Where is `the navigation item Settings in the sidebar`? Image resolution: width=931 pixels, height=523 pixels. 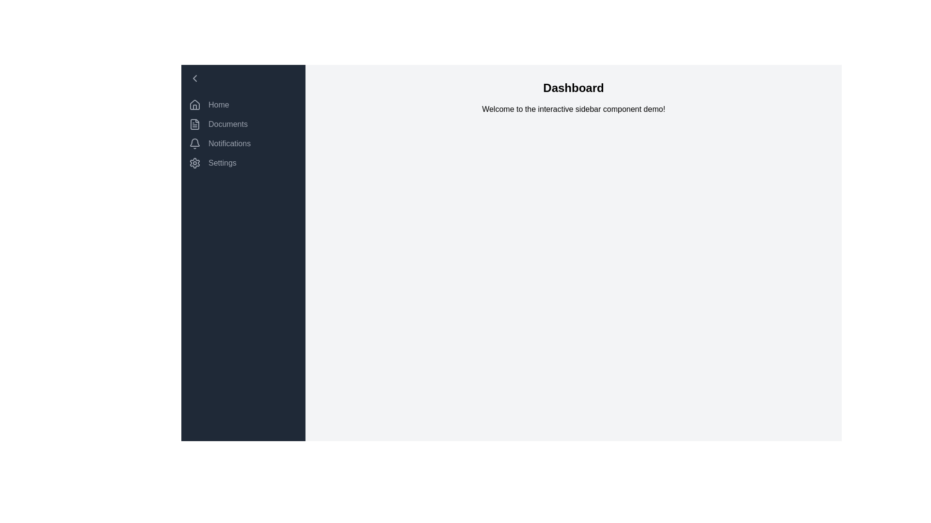 the navigation item Settings in the sidebar is located at coordinates (243, 162).